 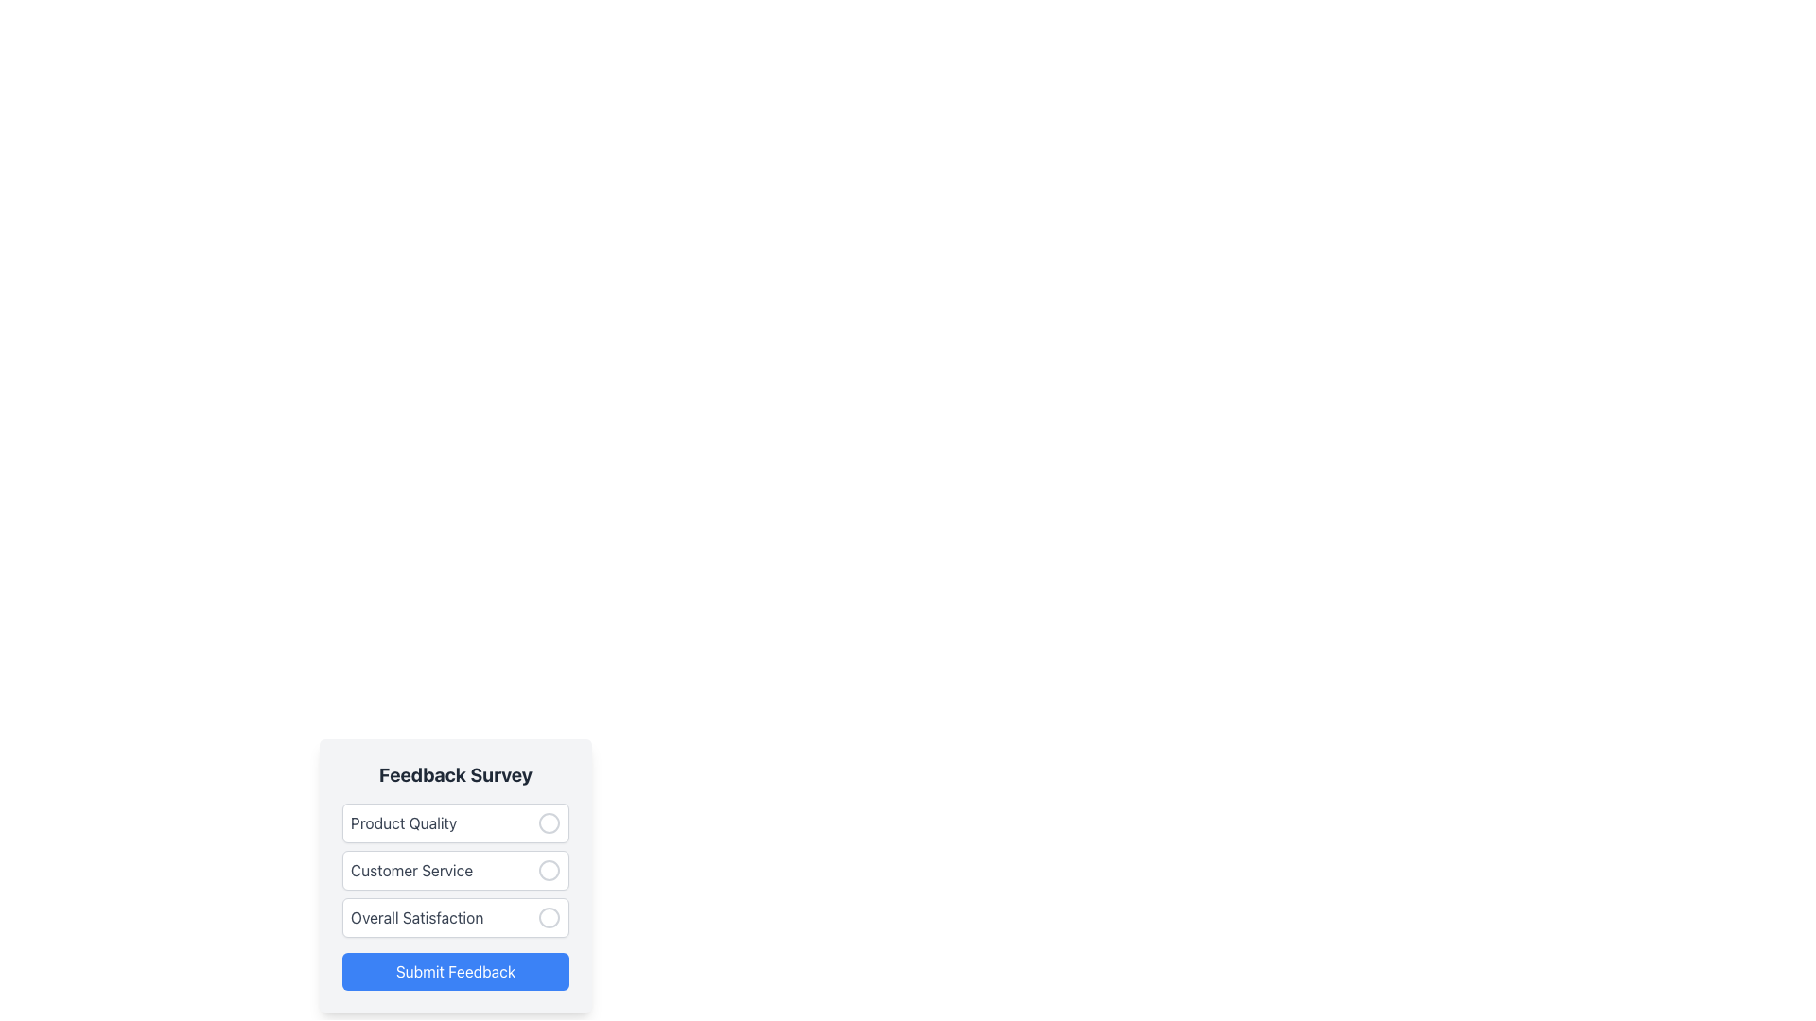 I want to click on the third selectable list item for 'Overall Satisfaction' in the 'Feedback Survey' section, so click(x=455, y=917).